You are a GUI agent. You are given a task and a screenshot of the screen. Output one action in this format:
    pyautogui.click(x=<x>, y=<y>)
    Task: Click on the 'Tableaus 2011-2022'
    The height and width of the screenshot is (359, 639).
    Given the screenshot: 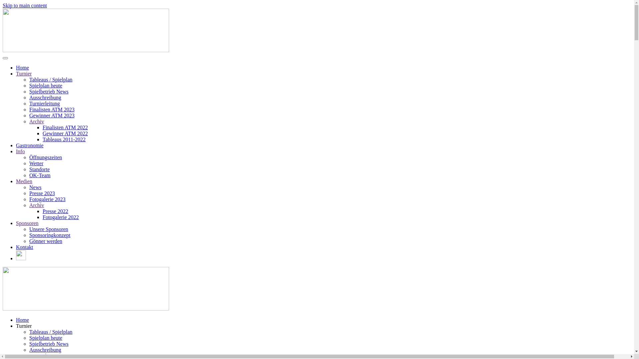 What is the action you would take?
    pyautogui.click(x=42, y=139)
    